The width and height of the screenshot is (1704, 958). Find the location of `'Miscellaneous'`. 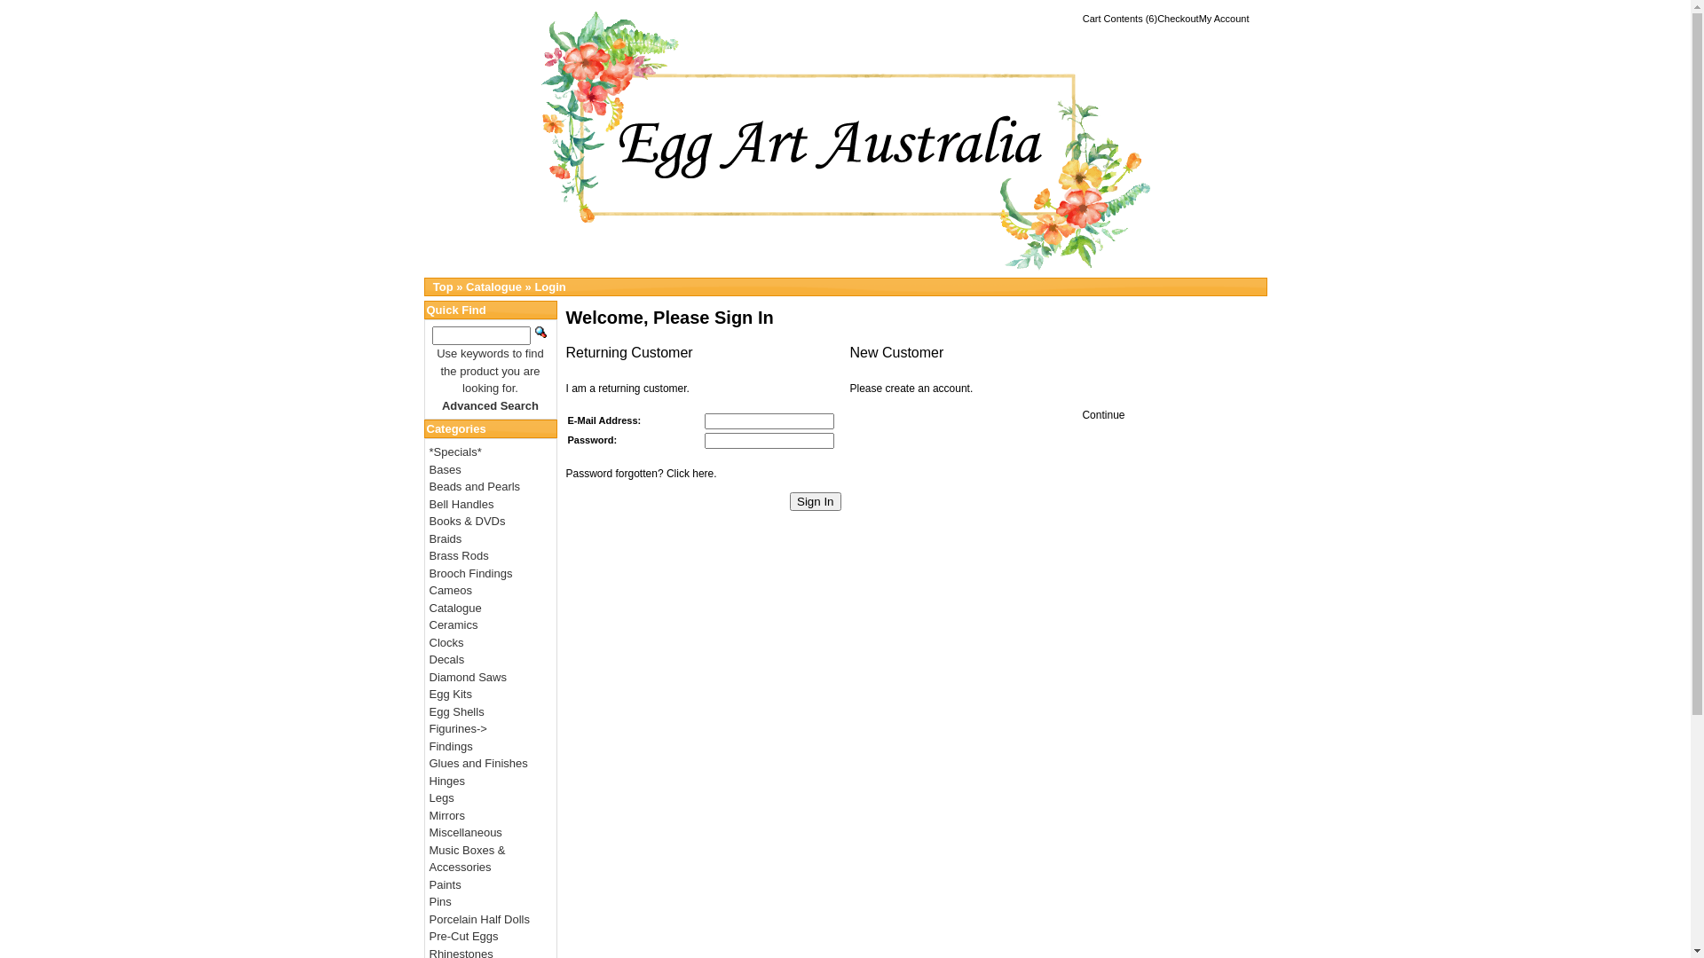

'Miscellaneous' is located at coordinates (465, 832).